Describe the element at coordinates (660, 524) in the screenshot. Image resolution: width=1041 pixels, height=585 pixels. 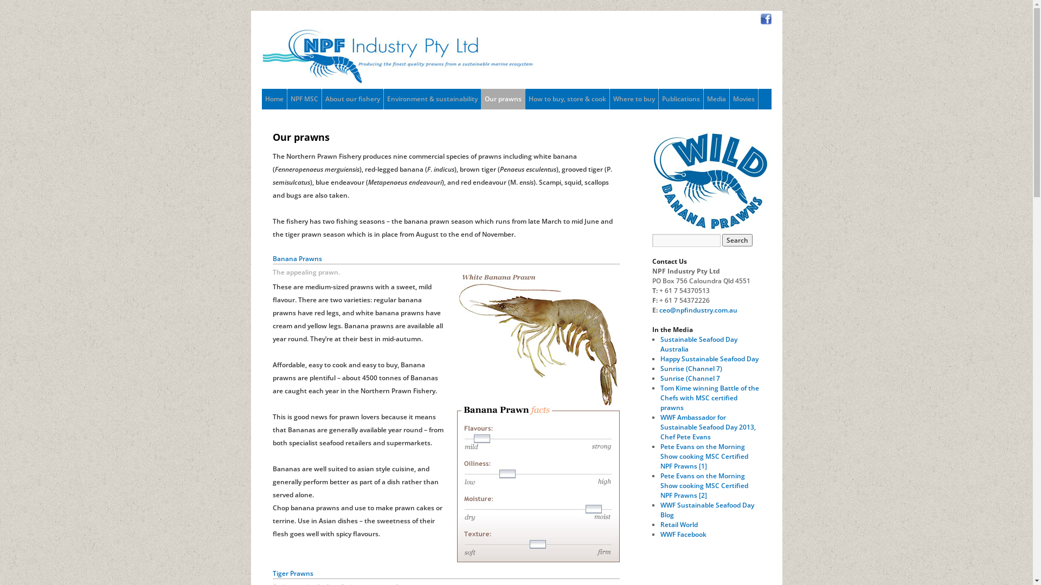
I see `'Retail World'` at that location.